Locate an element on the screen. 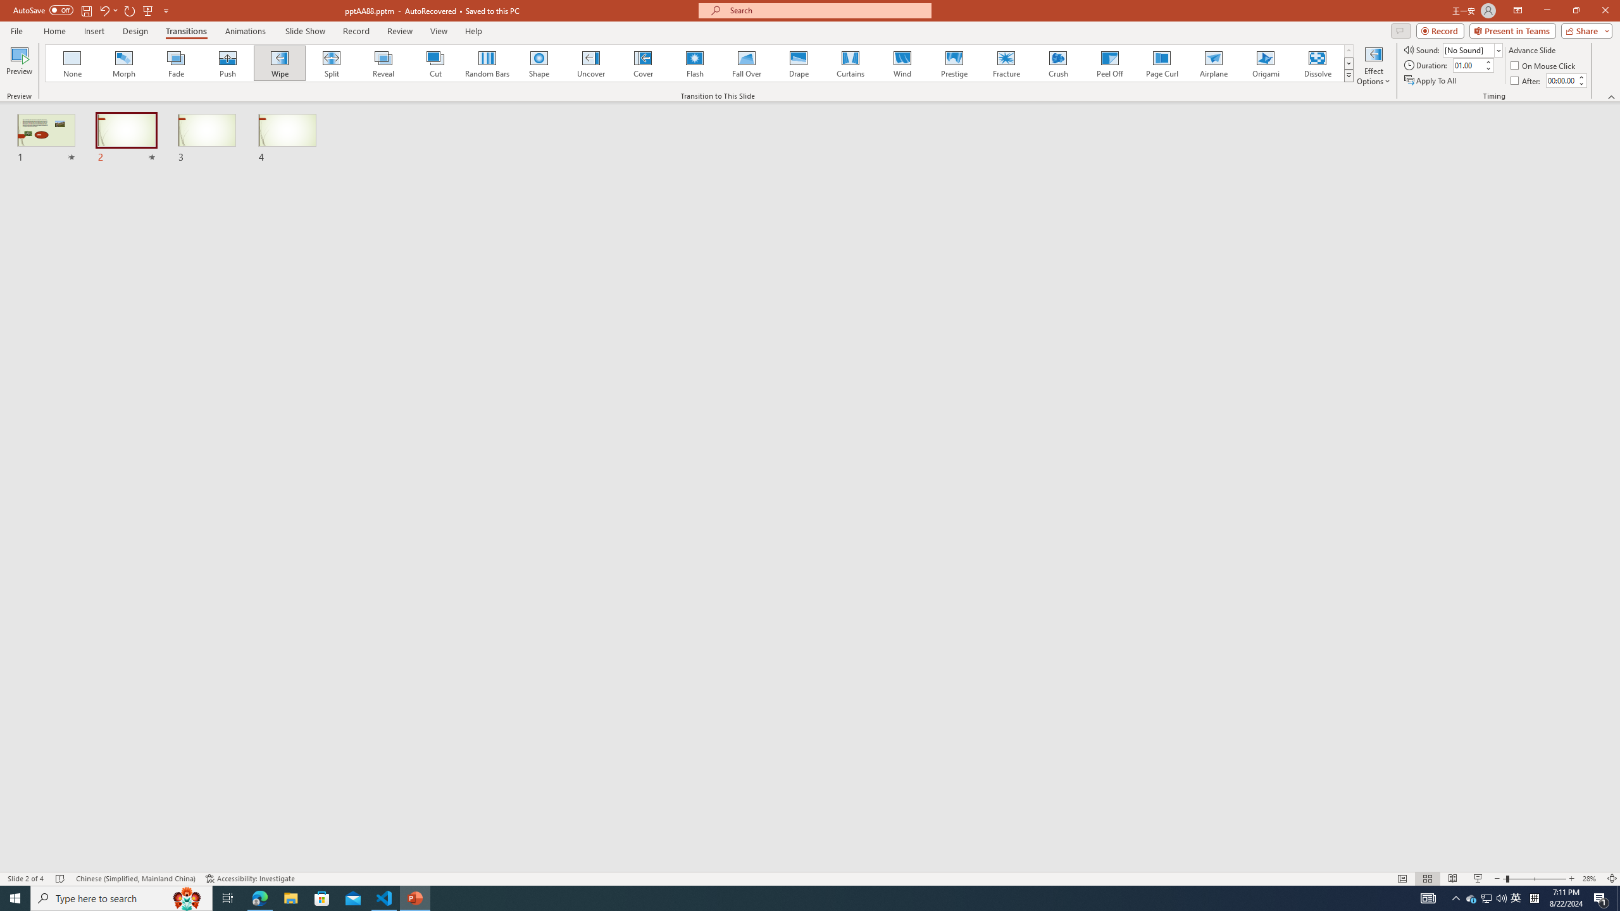 This screenshot has width=1620, height=911. 'Transition Effects' is located at coordinates (1349, 75).